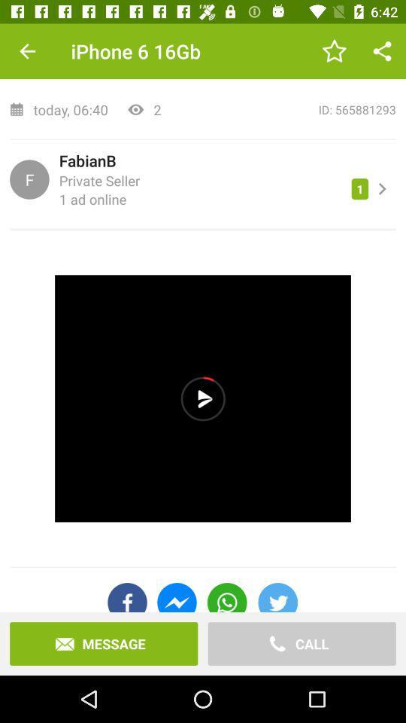  What do you see at coordinates (126, 597) in the screenshot?
I see `the facebook icon` at bounding box center [126, 597].